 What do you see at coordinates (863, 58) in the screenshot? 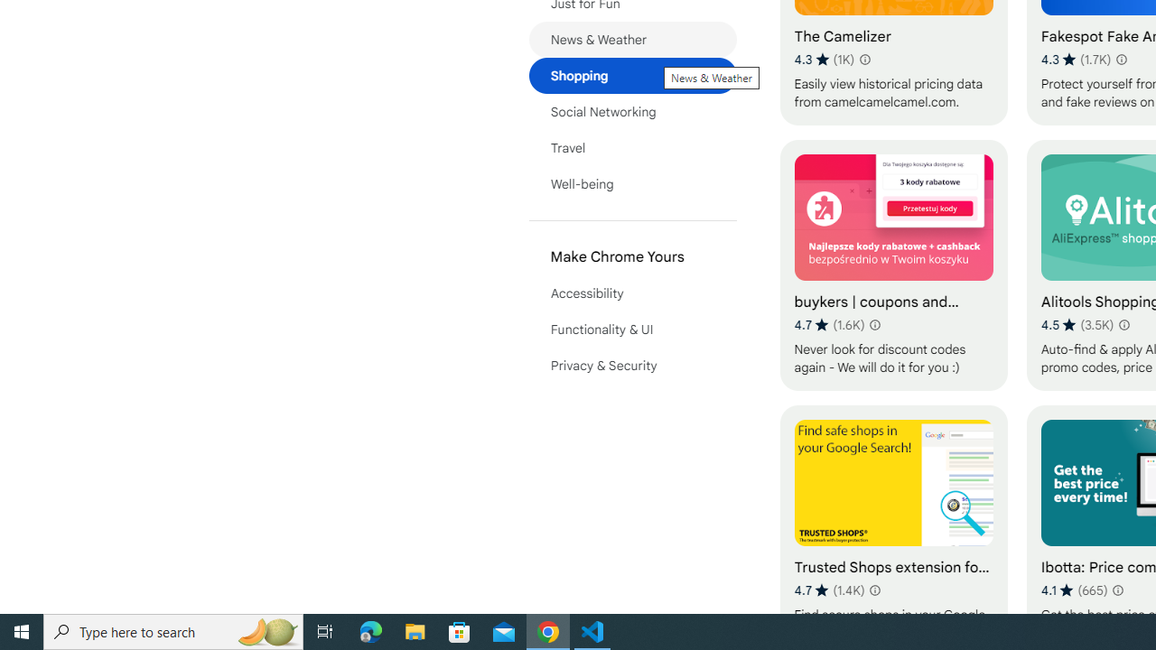
I see `'Learn more about results and reviews "The Camelizer"'` at bounding box center [863, 58].